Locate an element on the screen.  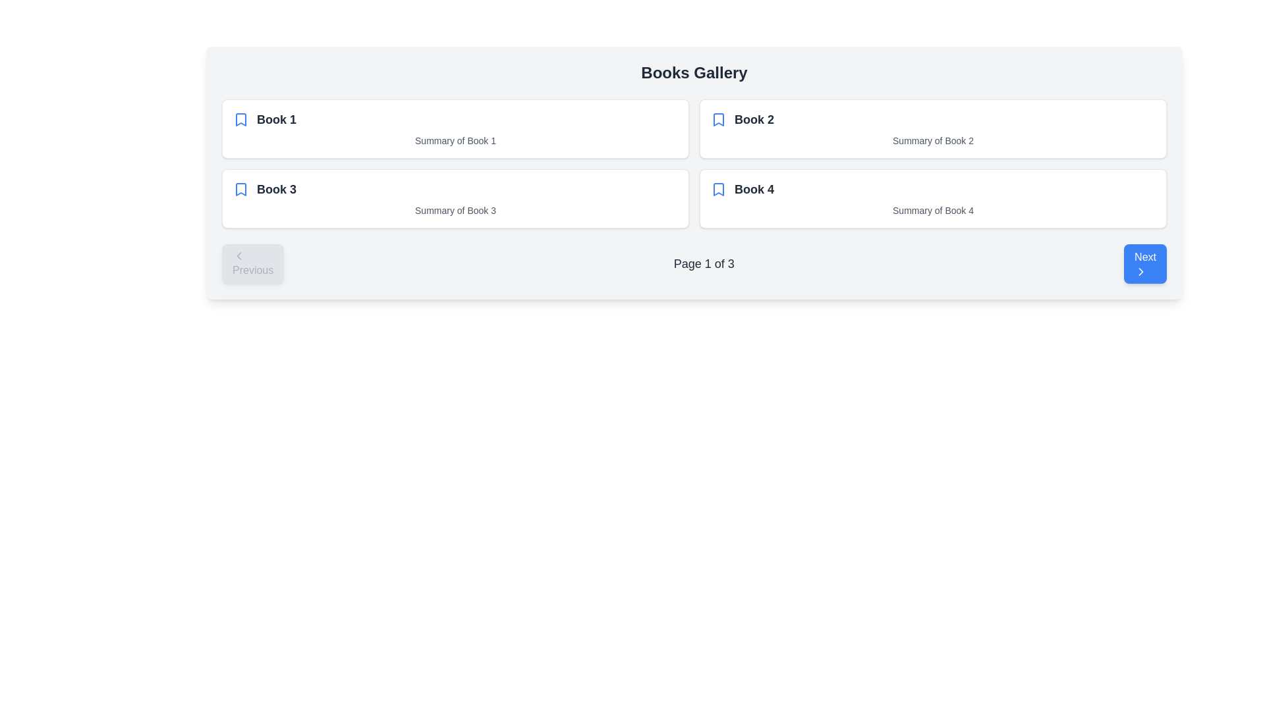
the bookmark icon located adjacent to the title 'Book 2' in the Books Gallery is located at coordinates (717, 119).